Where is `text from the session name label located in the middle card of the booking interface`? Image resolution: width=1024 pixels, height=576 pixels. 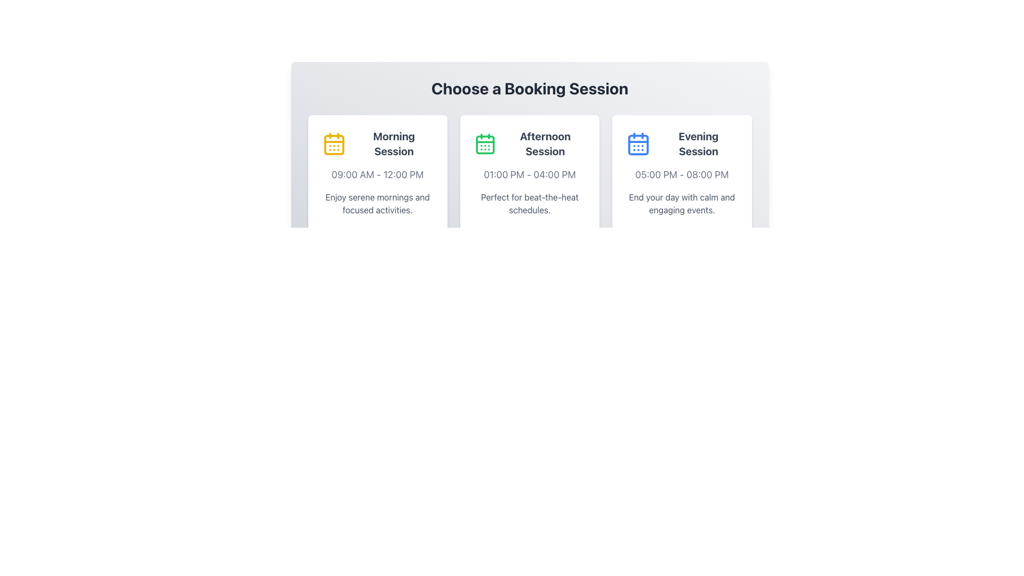
text from the session name label located in the middle card of the booking interface is located at coordinates (530, 144).